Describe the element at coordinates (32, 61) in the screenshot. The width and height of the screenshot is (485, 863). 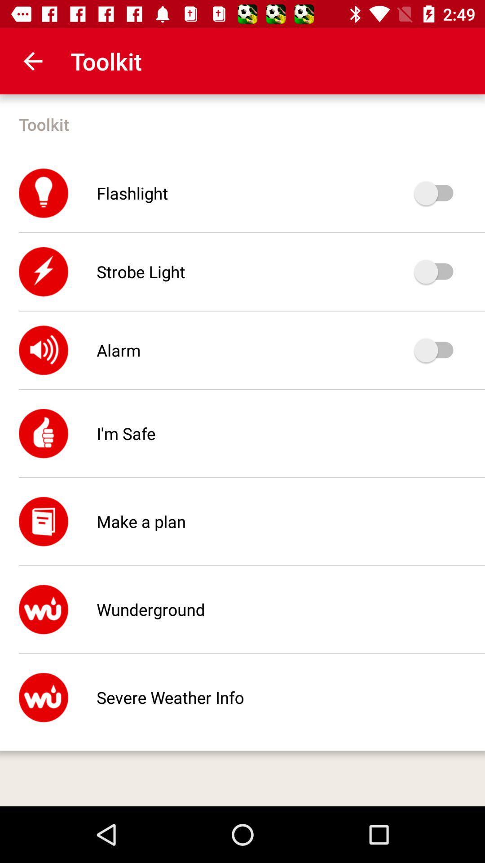
I see `the app to the left of toolkit app` at that location.